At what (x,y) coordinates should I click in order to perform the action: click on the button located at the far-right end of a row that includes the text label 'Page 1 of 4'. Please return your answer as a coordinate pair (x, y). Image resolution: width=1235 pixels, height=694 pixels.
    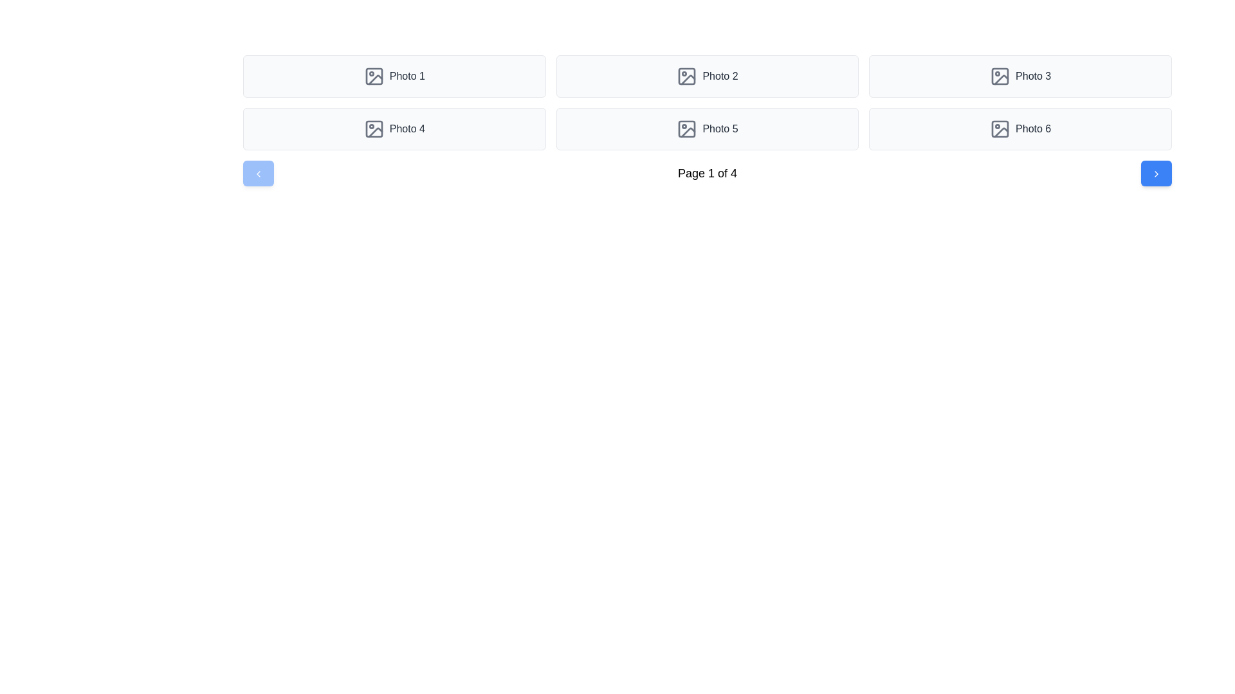
    Looking at the image, I should click on (1157, 173).